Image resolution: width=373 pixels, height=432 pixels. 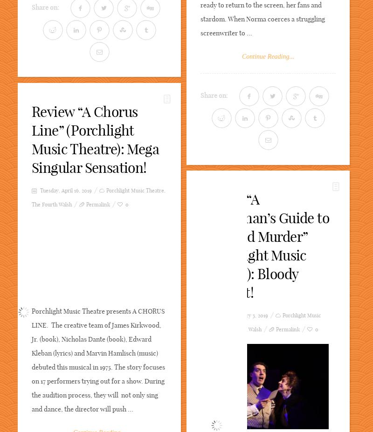 I want to click on 'Review “A Gentleman’s Guide to Love and Murder” (Porchlight Music Theatre): Bloody Brilliant!', so click(x=200, y=246).